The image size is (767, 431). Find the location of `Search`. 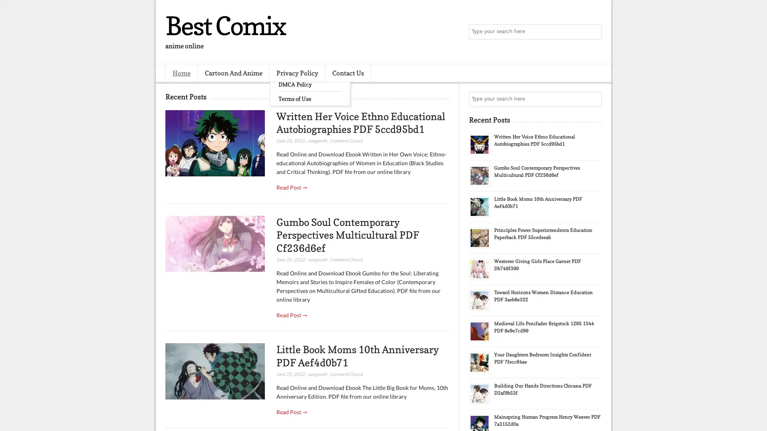

Search is located at coordinates (593, 32).